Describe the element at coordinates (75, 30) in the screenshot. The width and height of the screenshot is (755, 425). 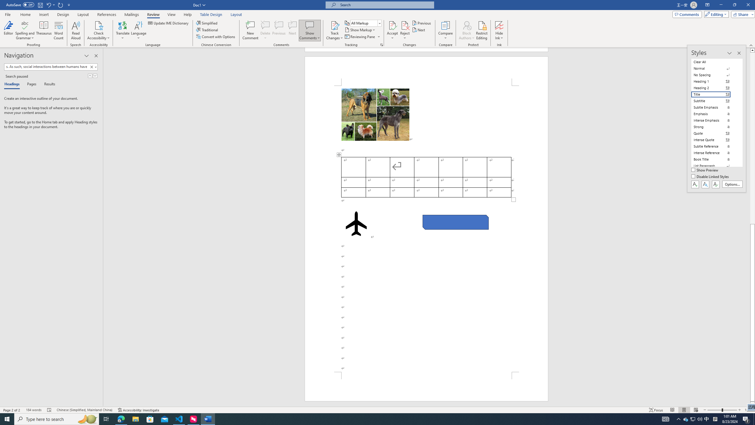
I see `'Read Aloud'` at that location.